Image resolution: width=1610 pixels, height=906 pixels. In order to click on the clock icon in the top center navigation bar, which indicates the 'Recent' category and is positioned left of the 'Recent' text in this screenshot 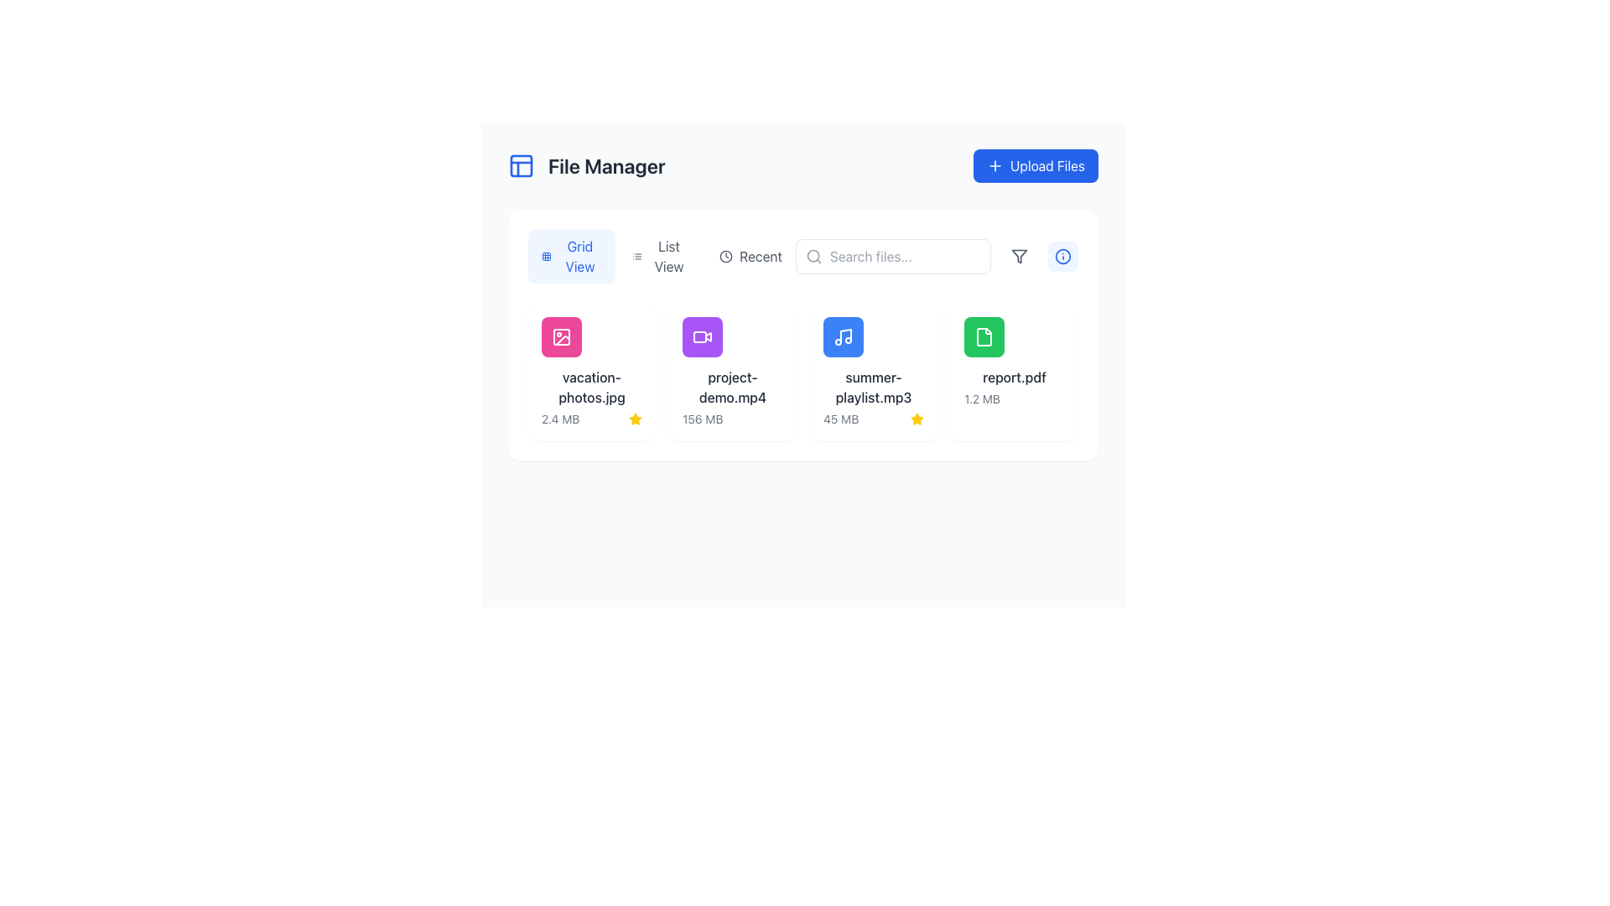, I will do `click(726, 256)`.